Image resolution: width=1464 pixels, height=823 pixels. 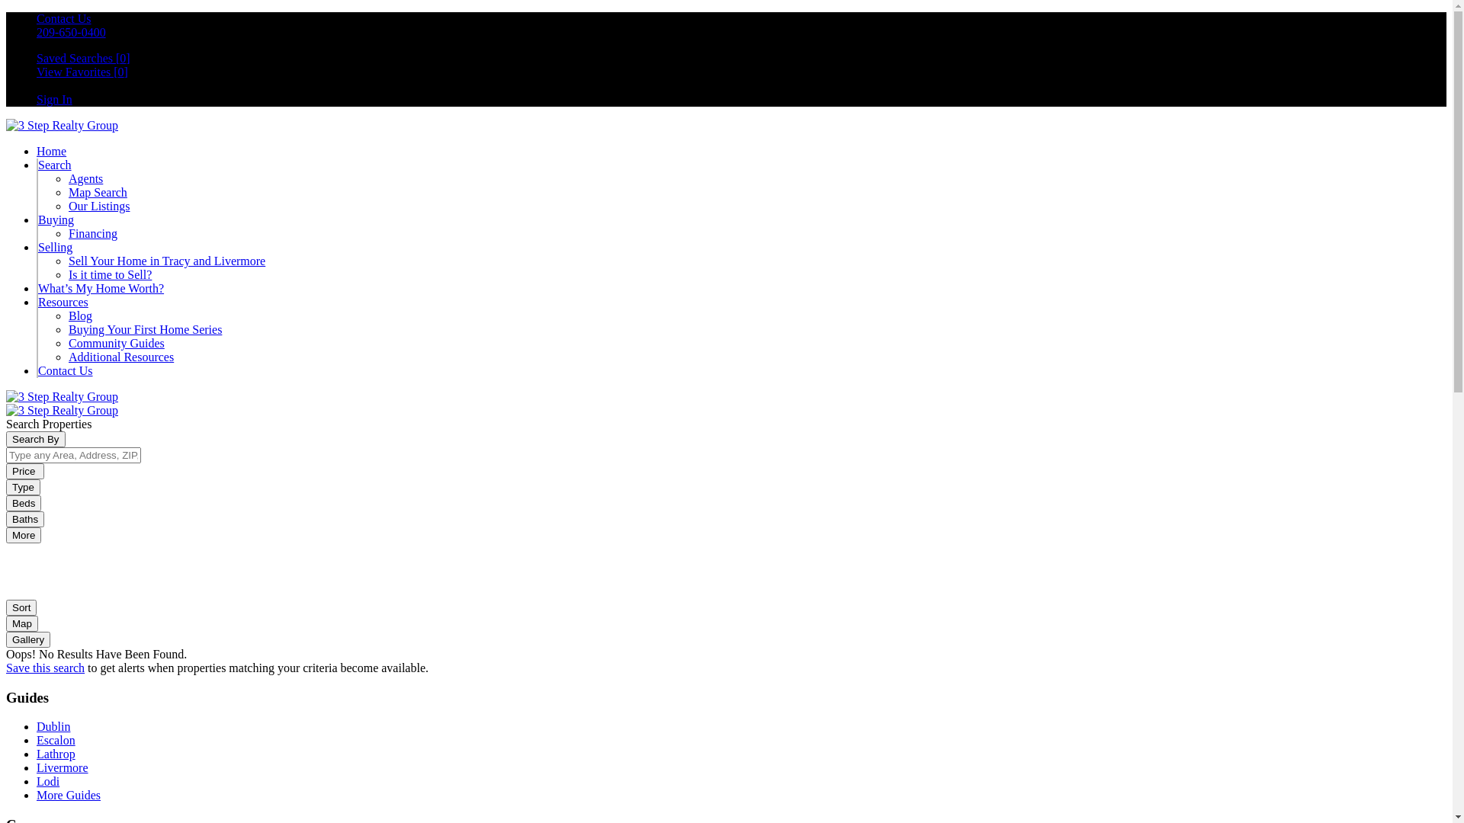 What do you see at coordinates (37, 370) in the screenshot?
I see `'Contact Us'` at bounding box center [37, 370].